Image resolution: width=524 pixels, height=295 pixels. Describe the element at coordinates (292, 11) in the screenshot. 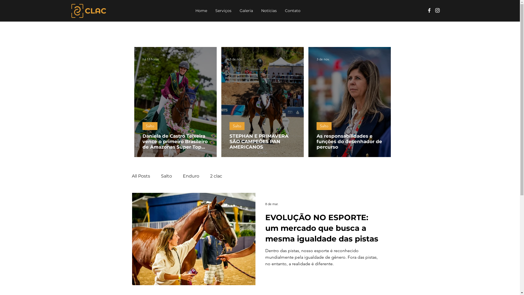

I see `'Contato'` at that location.